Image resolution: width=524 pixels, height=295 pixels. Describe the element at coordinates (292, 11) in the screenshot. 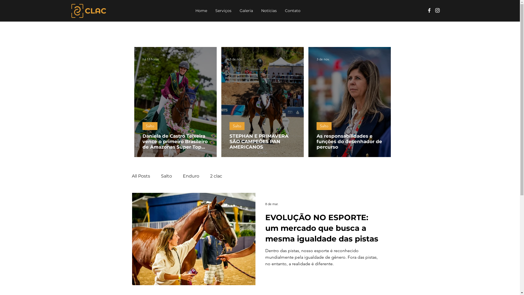

I see `'Contato'` at that location.